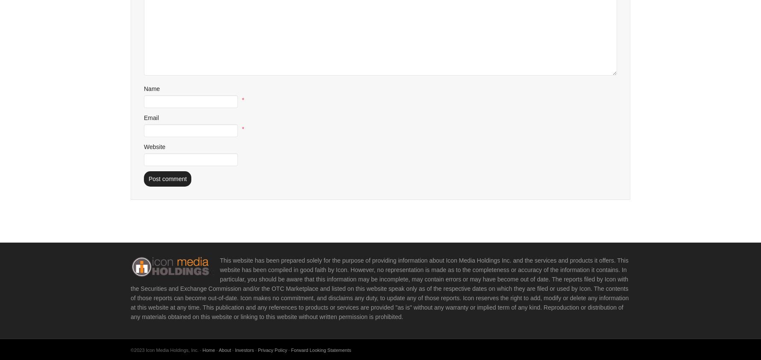 The height and width of the screenshot is (360, 761). What do you see at coordinates (244, 349) in the screenshot?
I see `'Investors'` at bounding box center [244, 349].